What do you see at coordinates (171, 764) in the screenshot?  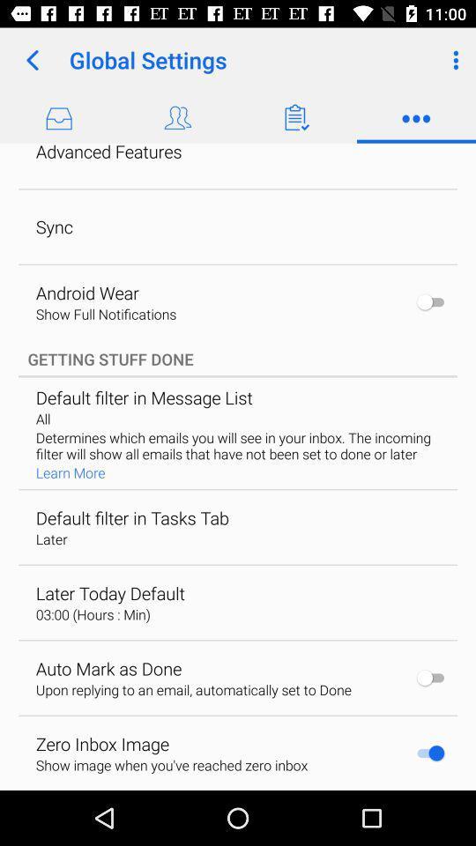 I see `the show image when icon` at bounding box center [171, 764].